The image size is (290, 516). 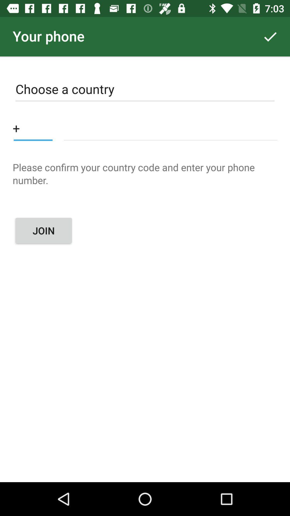 I want to click on the item below please confirm your icon, so click(x=43, y=231).